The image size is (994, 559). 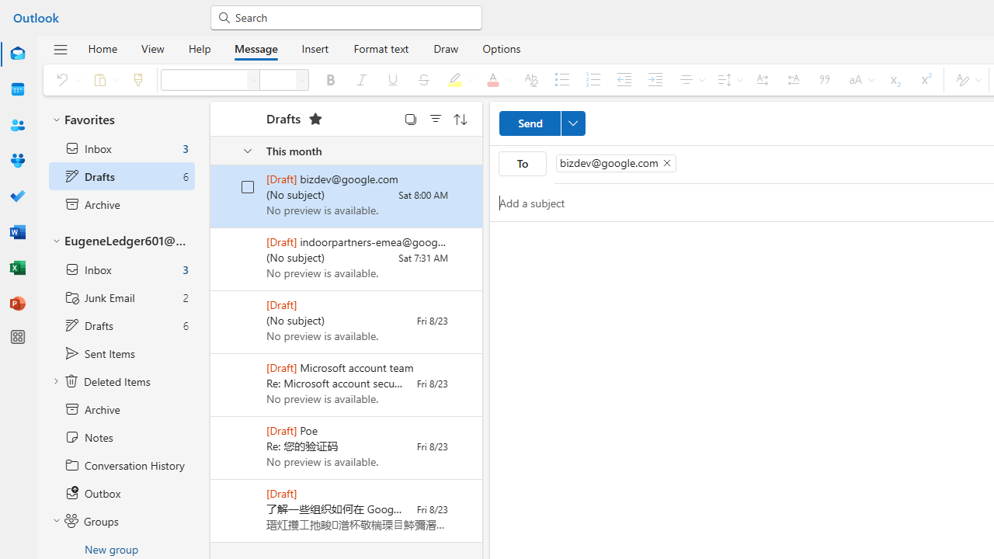 What do you see at coordinates (381, 47) in the screenshot?
I see `'Format text'` at bounding box center [381, 47].